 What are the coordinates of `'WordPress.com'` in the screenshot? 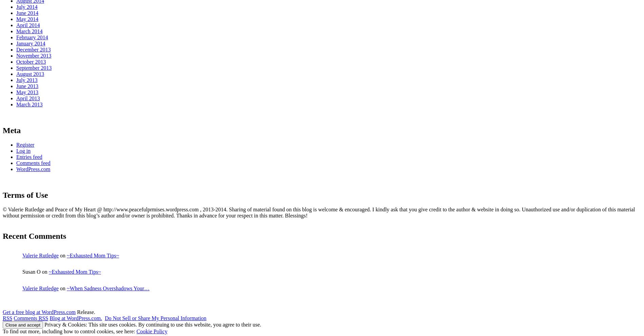 It's located at (16, 168).